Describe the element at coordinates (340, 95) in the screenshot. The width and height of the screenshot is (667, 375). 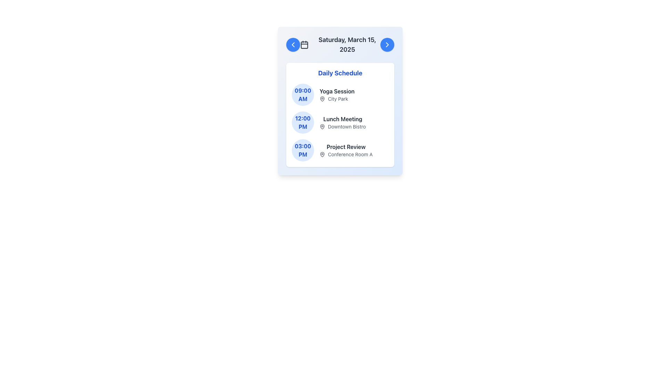
I see `the first structured schedule entry in the Daily Schedule list, which features a circular blue icon with '09:00 AM' and a description of 'Yoga Session' and 'City Park'` at that location.